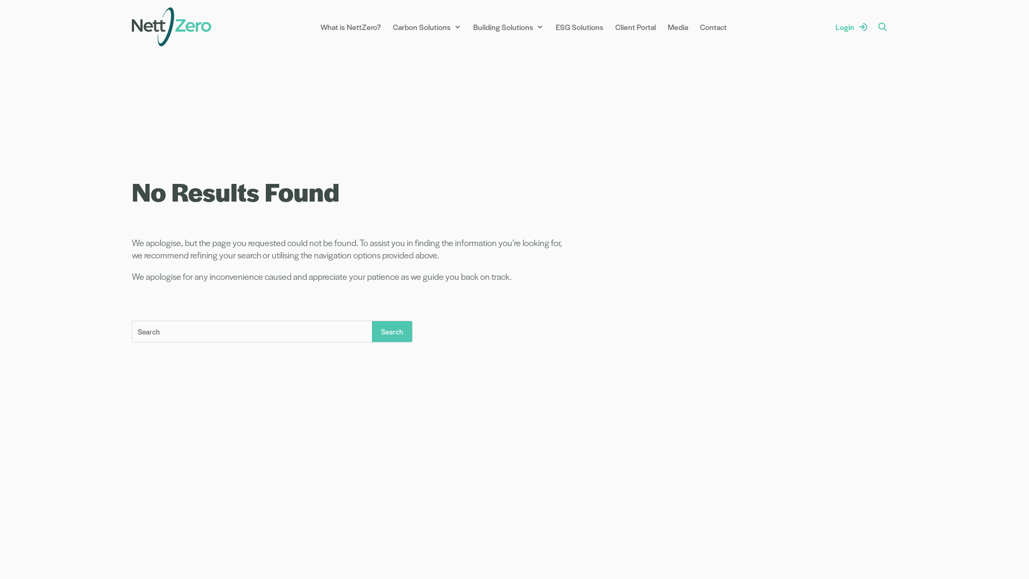 Image resolution: width=1029 pixels, height=579 pixels. What do you see at coordinates (851, 26) in the screenshot?
I see `'Login'` at bounding box center [851, 26].